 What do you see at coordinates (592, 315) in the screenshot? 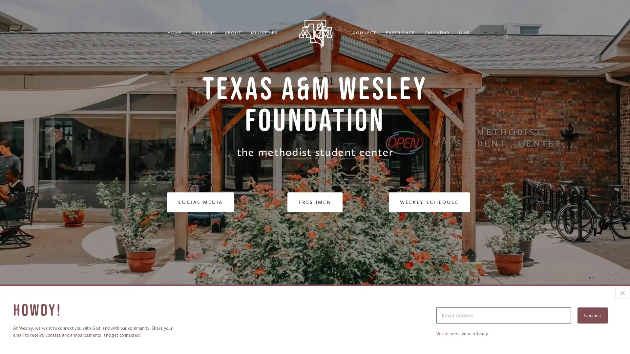
I see `Connect` at bounding box center [592, 315].